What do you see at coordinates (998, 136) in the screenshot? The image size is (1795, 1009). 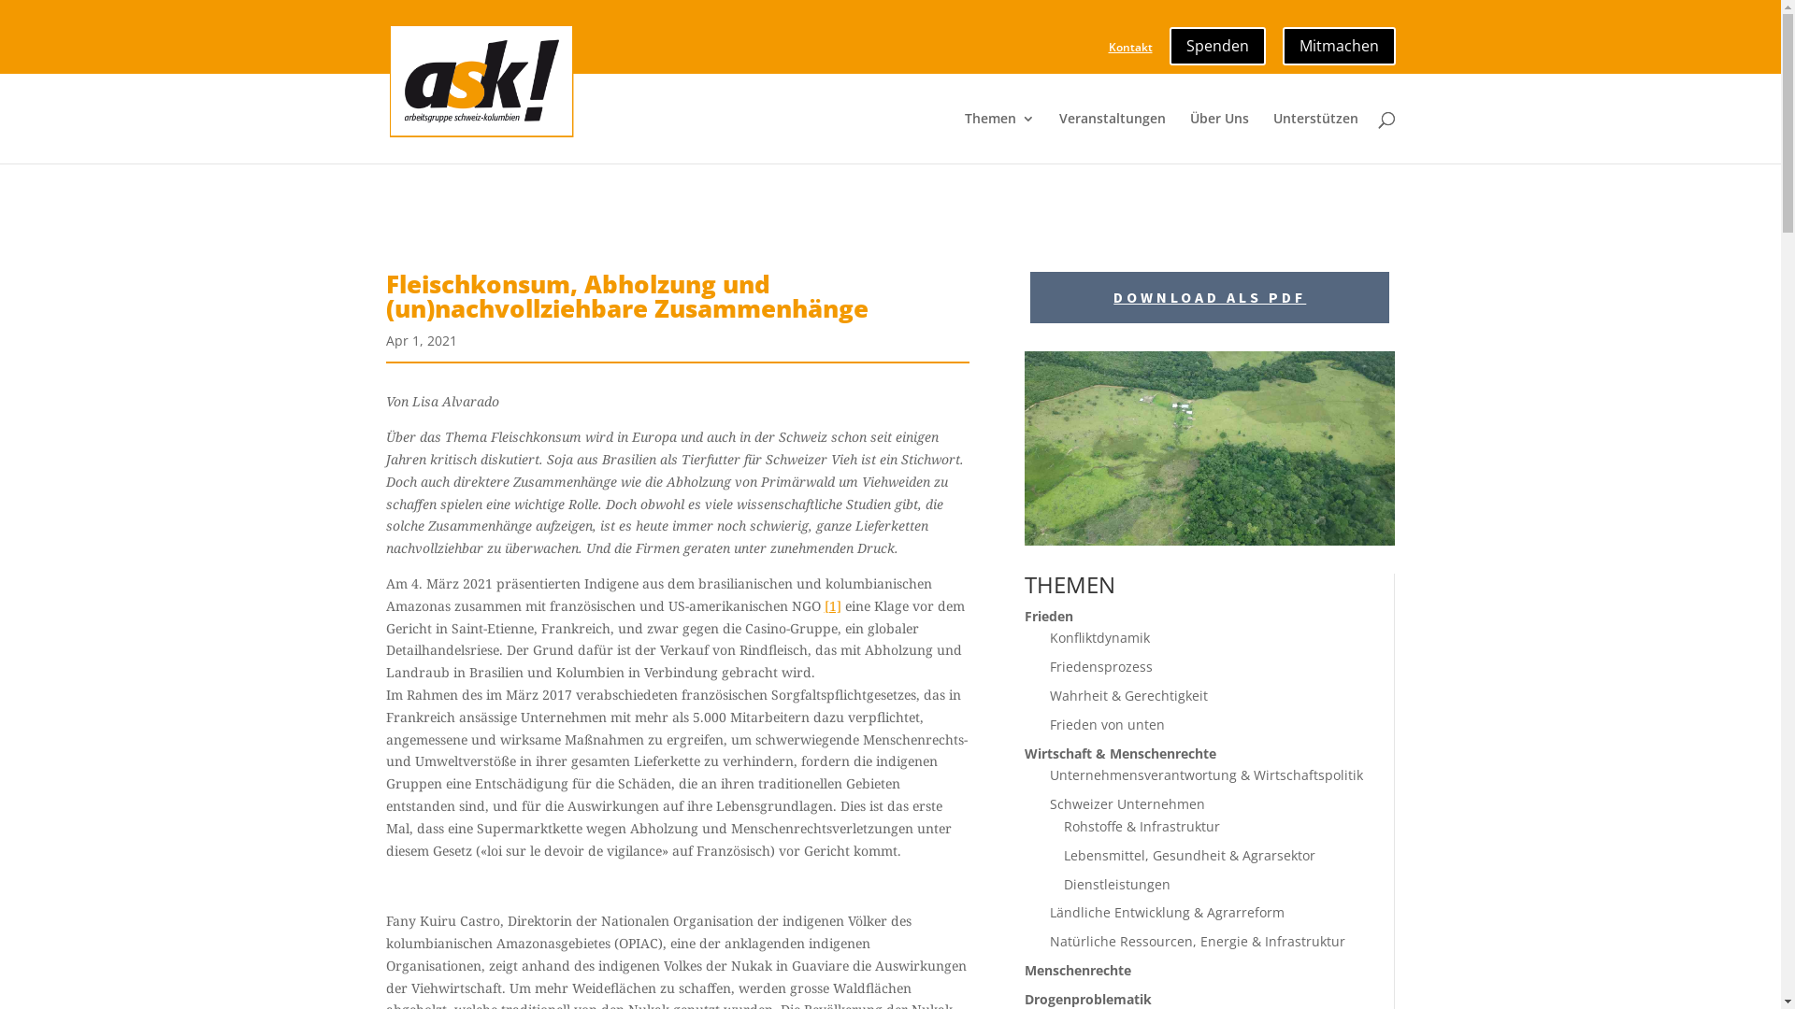 I see `'Themen'` at bounding box center [998, 136].